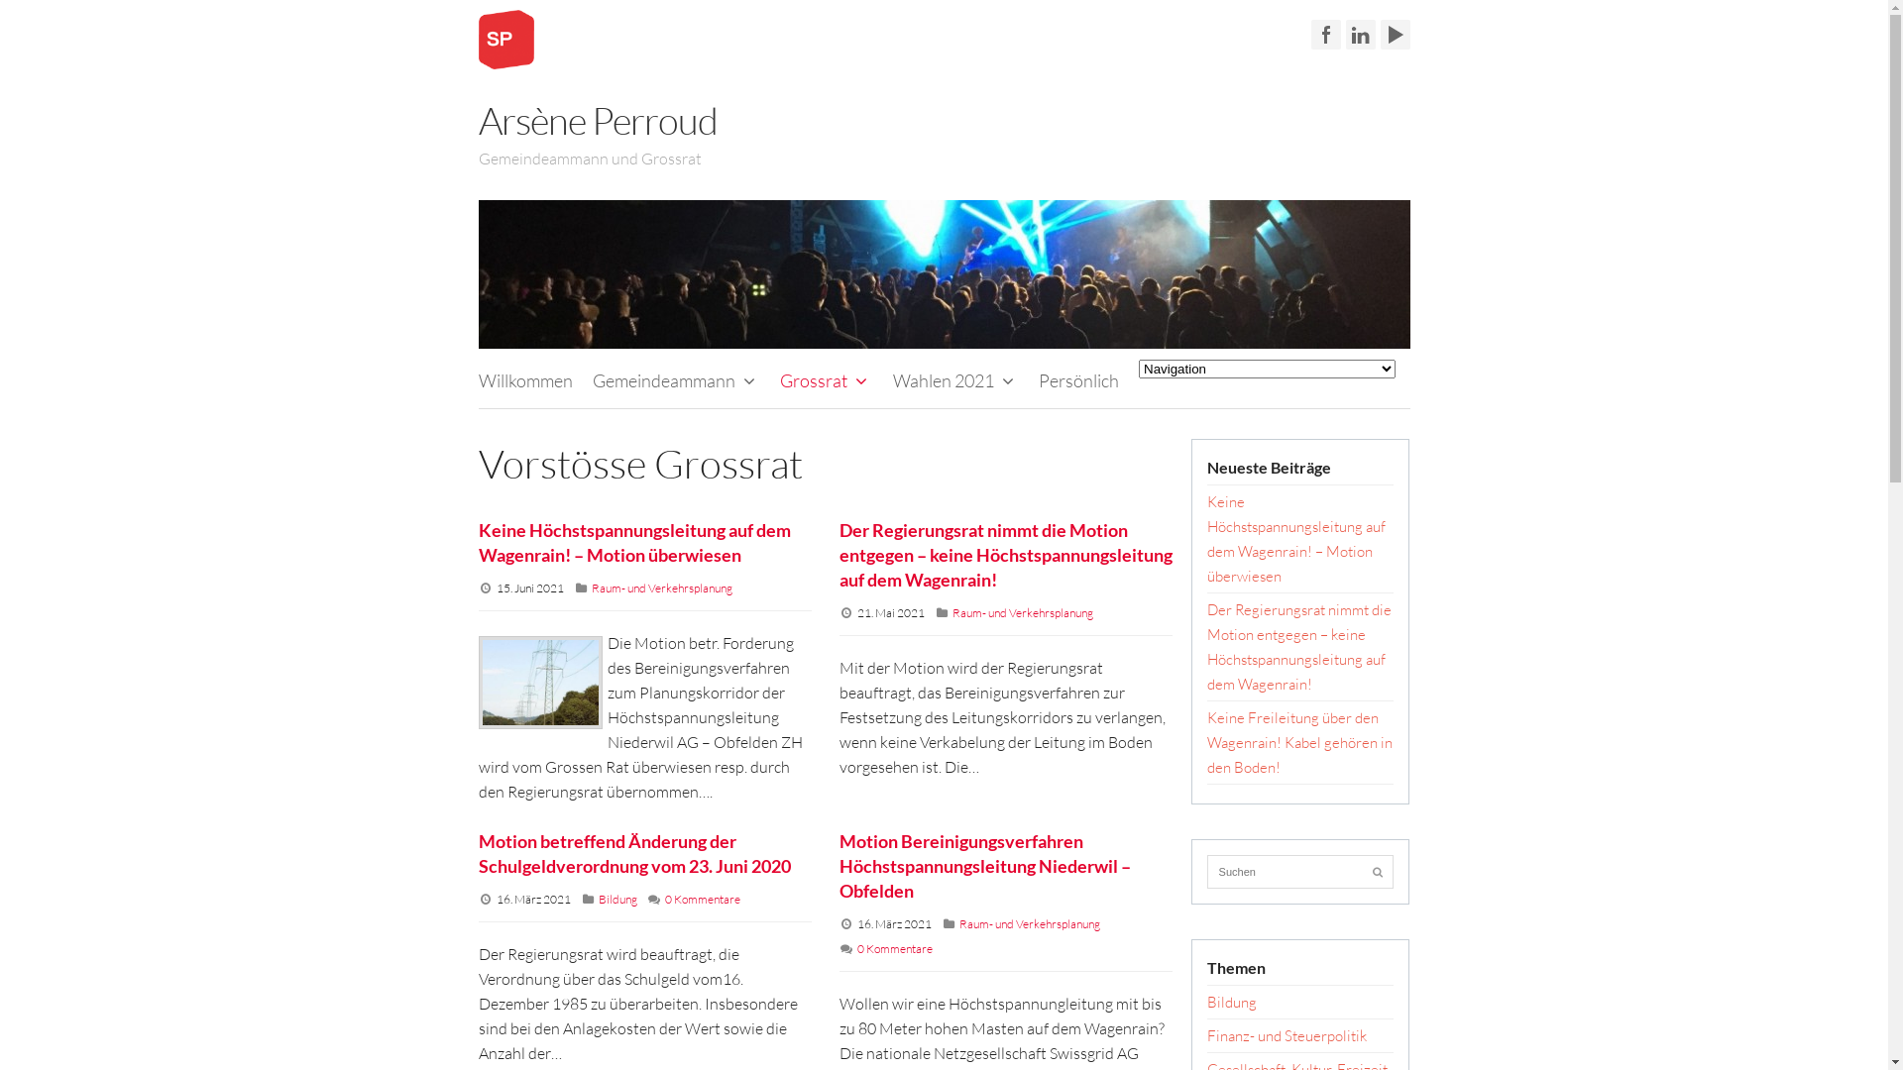 The width and height of the screenshot is (1903, 1070). What do you see at coordinates (1287, 1034) in the screenshot?
I see `'Finanz- und Steuerpolitik'` at bounding box center [1287, 1034].